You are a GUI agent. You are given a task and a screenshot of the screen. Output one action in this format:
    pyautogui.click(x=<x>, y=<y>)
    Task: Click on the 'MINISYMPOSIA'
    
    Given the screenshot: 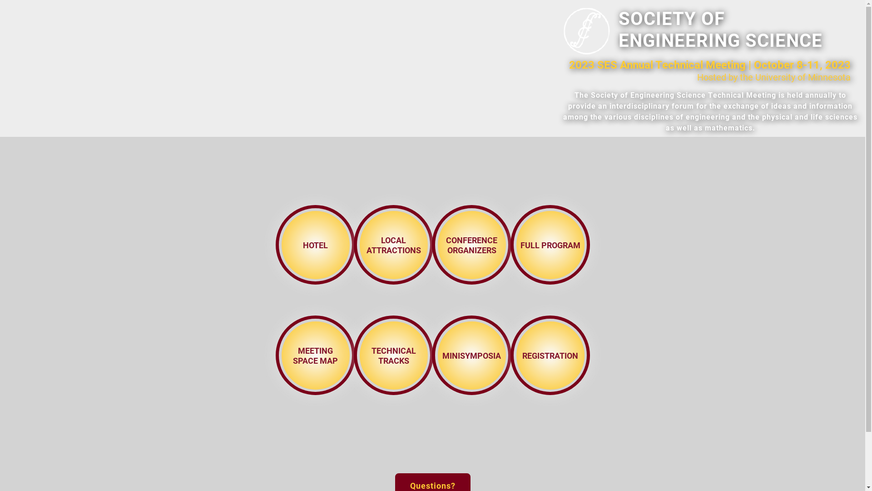 What is the action you would take?
    pyautogui.click(x=471, y=354)
    